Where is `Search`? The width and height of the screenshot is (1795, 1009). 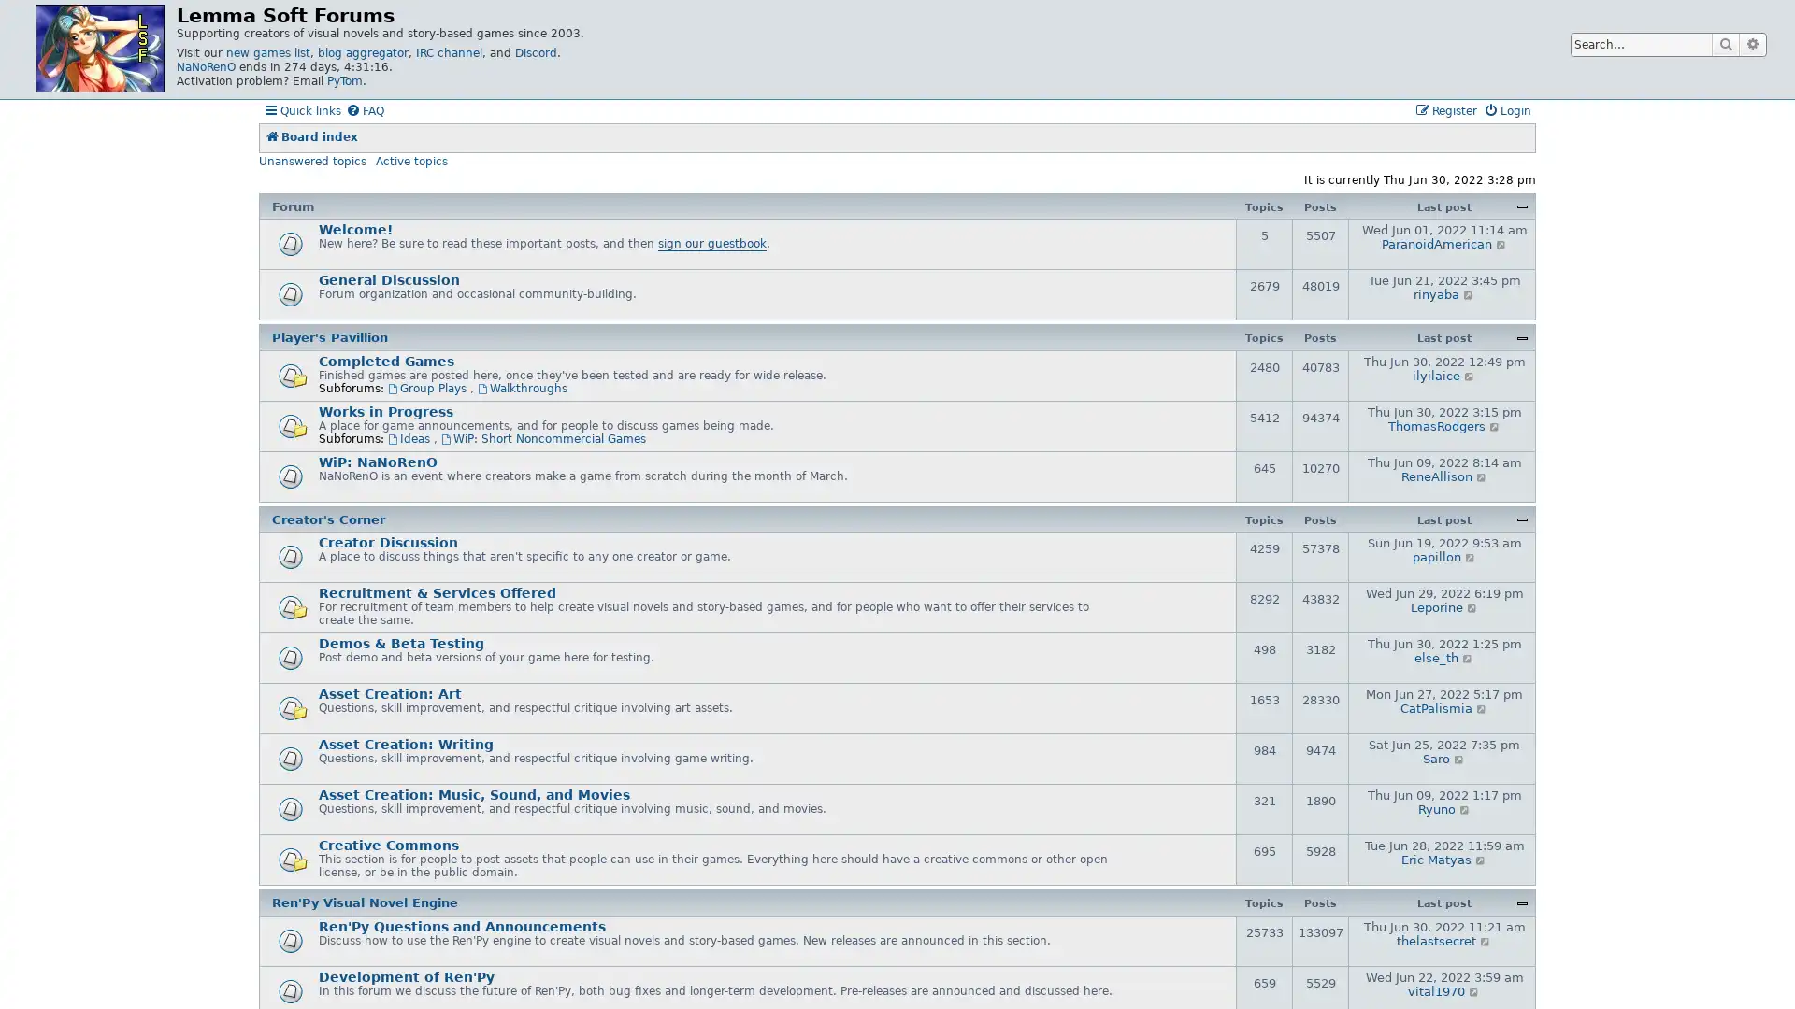 Search is located at coordinates (1725, 43).